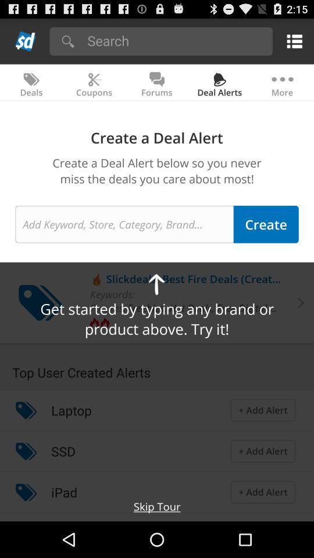  I want to click on search for a deal, so click(123, 223).